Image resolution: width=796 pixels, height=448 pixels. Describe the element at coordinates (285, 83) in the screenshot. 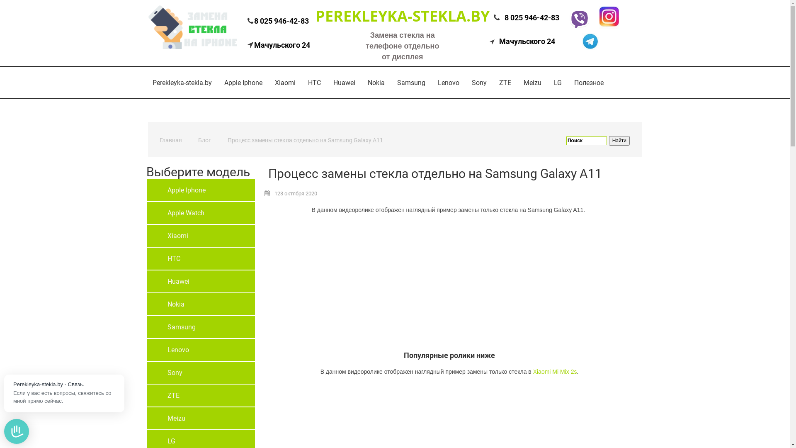

I see `'Xiaomi'` at that location.